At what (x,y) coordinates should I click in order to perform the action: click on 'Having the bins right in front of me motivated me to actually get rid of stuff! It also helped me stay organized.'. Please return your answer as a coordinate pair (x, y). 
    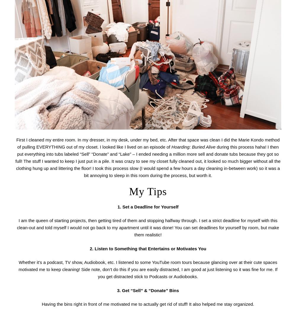
    Looking at the image, I should click on (147, 304).